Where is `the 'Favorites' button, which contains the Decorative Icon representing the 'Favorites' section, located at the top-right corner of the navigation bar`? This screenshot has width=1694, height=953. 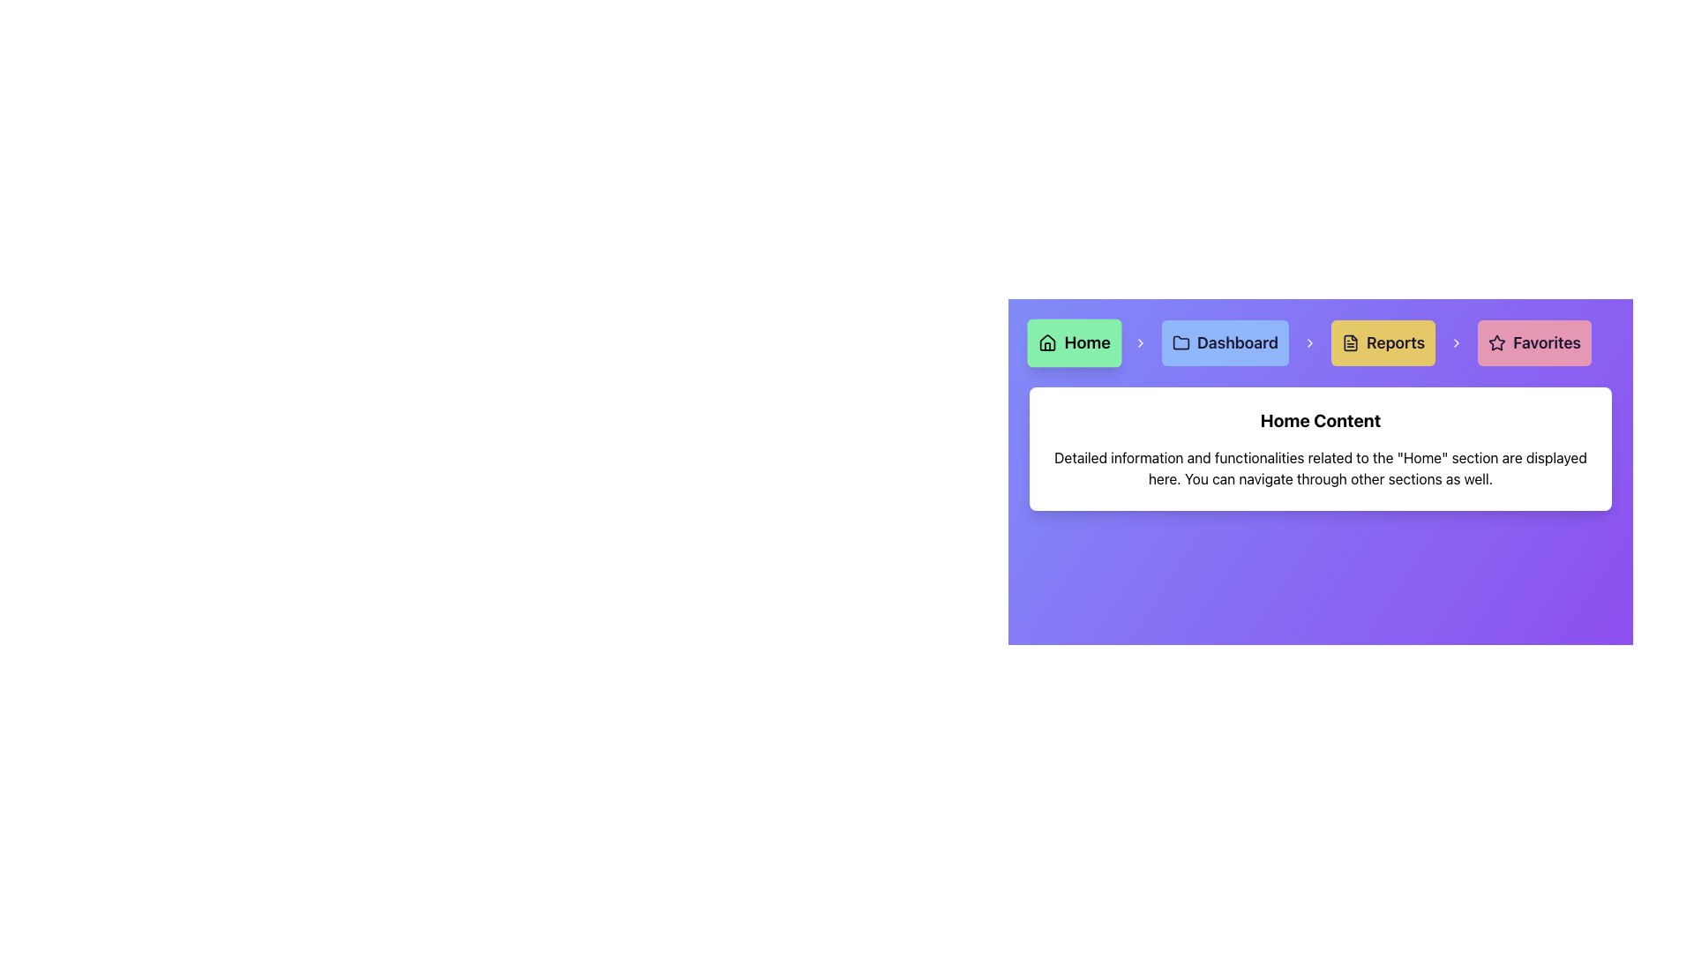 the 'Favorites' button, which contains the Decorative Icon representing the 'Favorites' section, located at the top-right corner of the navigation bar is located at coordinates (1496, 343).